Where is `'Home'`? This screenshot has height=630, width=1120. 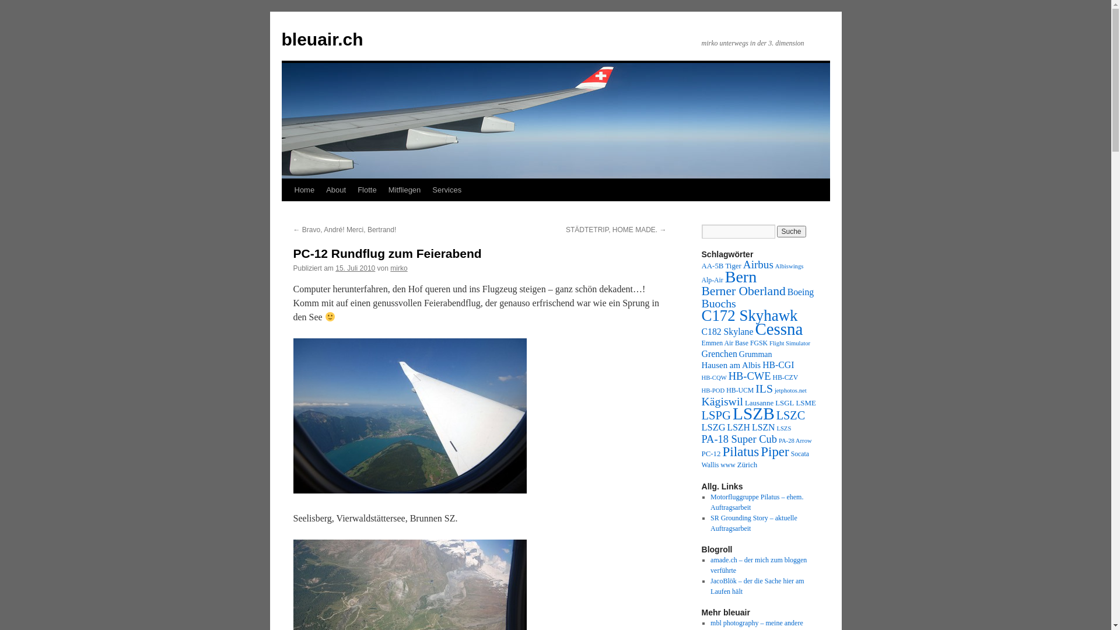
'Home' is located at coordinates (304, 190).